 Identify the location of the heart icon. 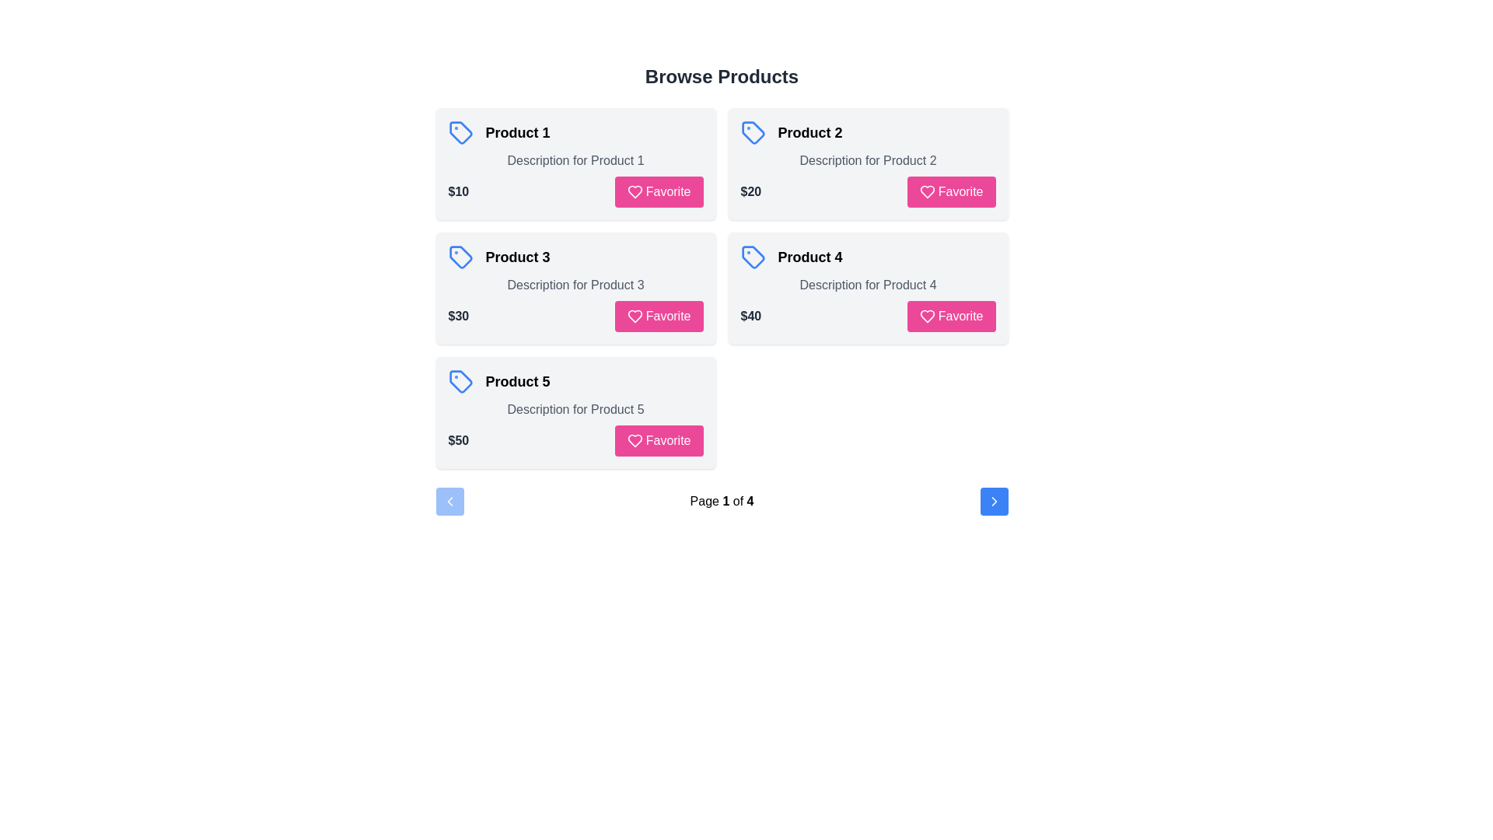
(635, 191).